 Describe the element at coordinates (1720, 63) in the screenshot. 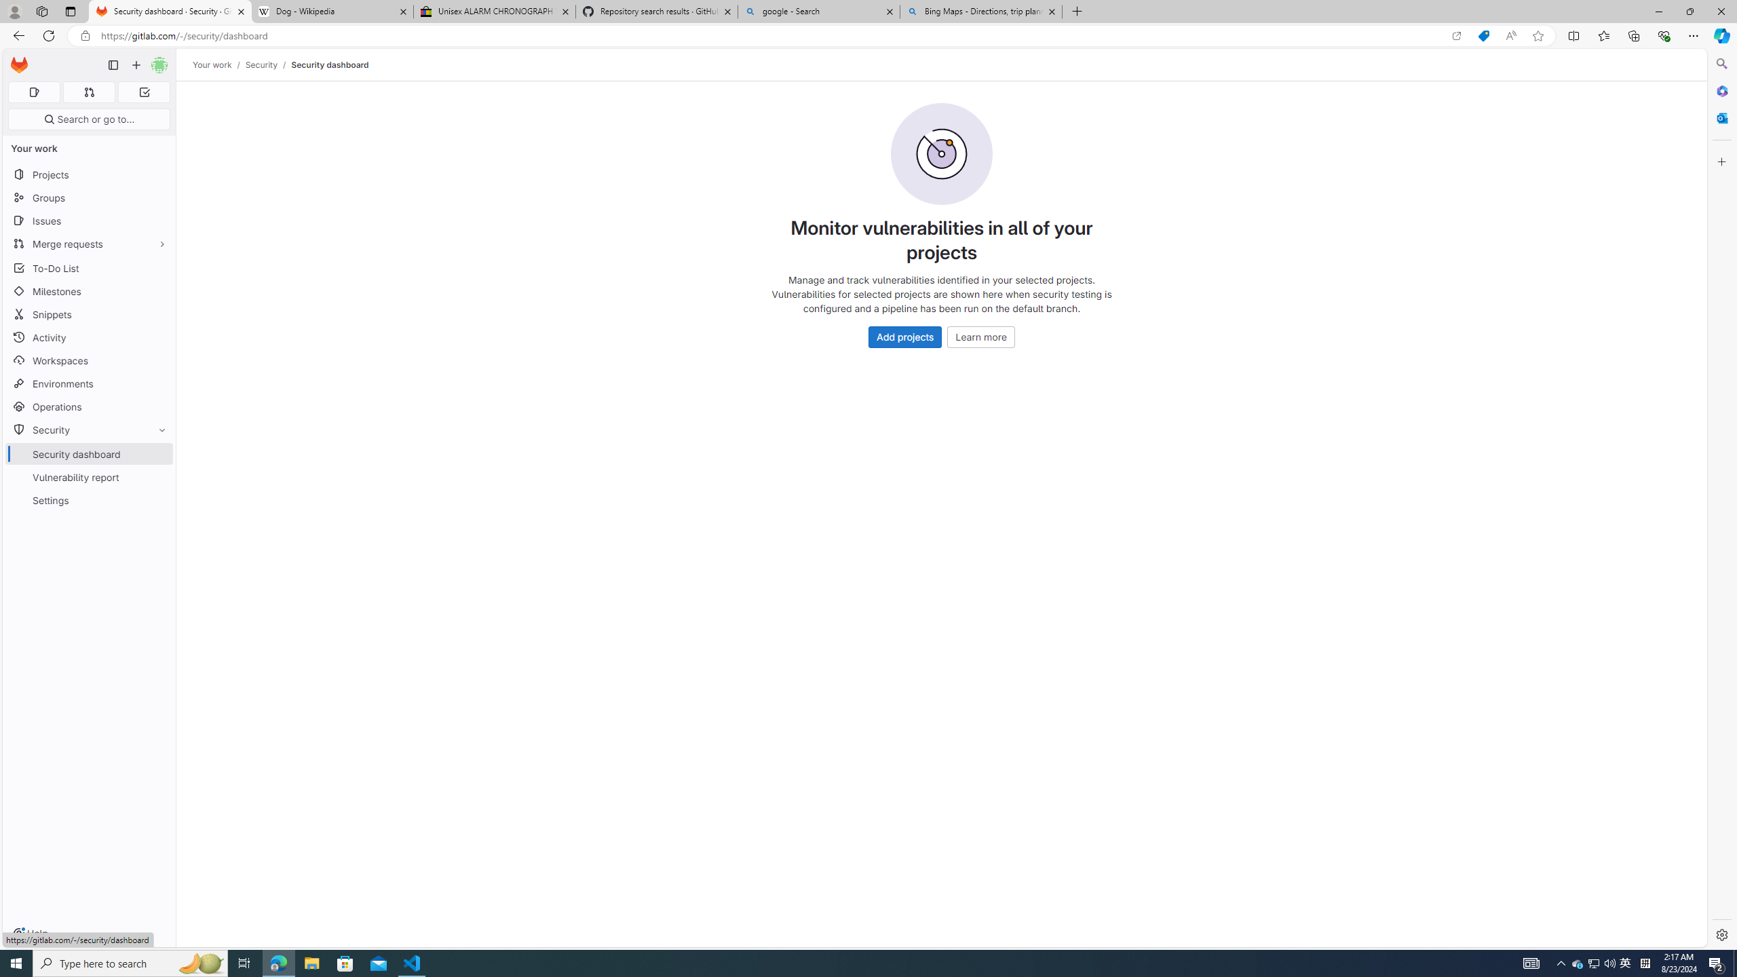

I see `'Search'` at that location.